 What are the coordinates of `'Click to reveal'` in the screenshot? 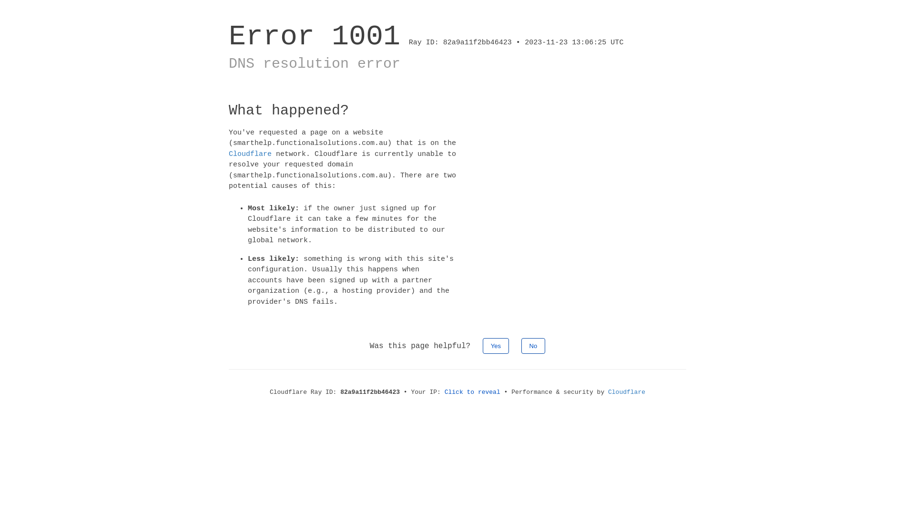 It's located at (472, 392).